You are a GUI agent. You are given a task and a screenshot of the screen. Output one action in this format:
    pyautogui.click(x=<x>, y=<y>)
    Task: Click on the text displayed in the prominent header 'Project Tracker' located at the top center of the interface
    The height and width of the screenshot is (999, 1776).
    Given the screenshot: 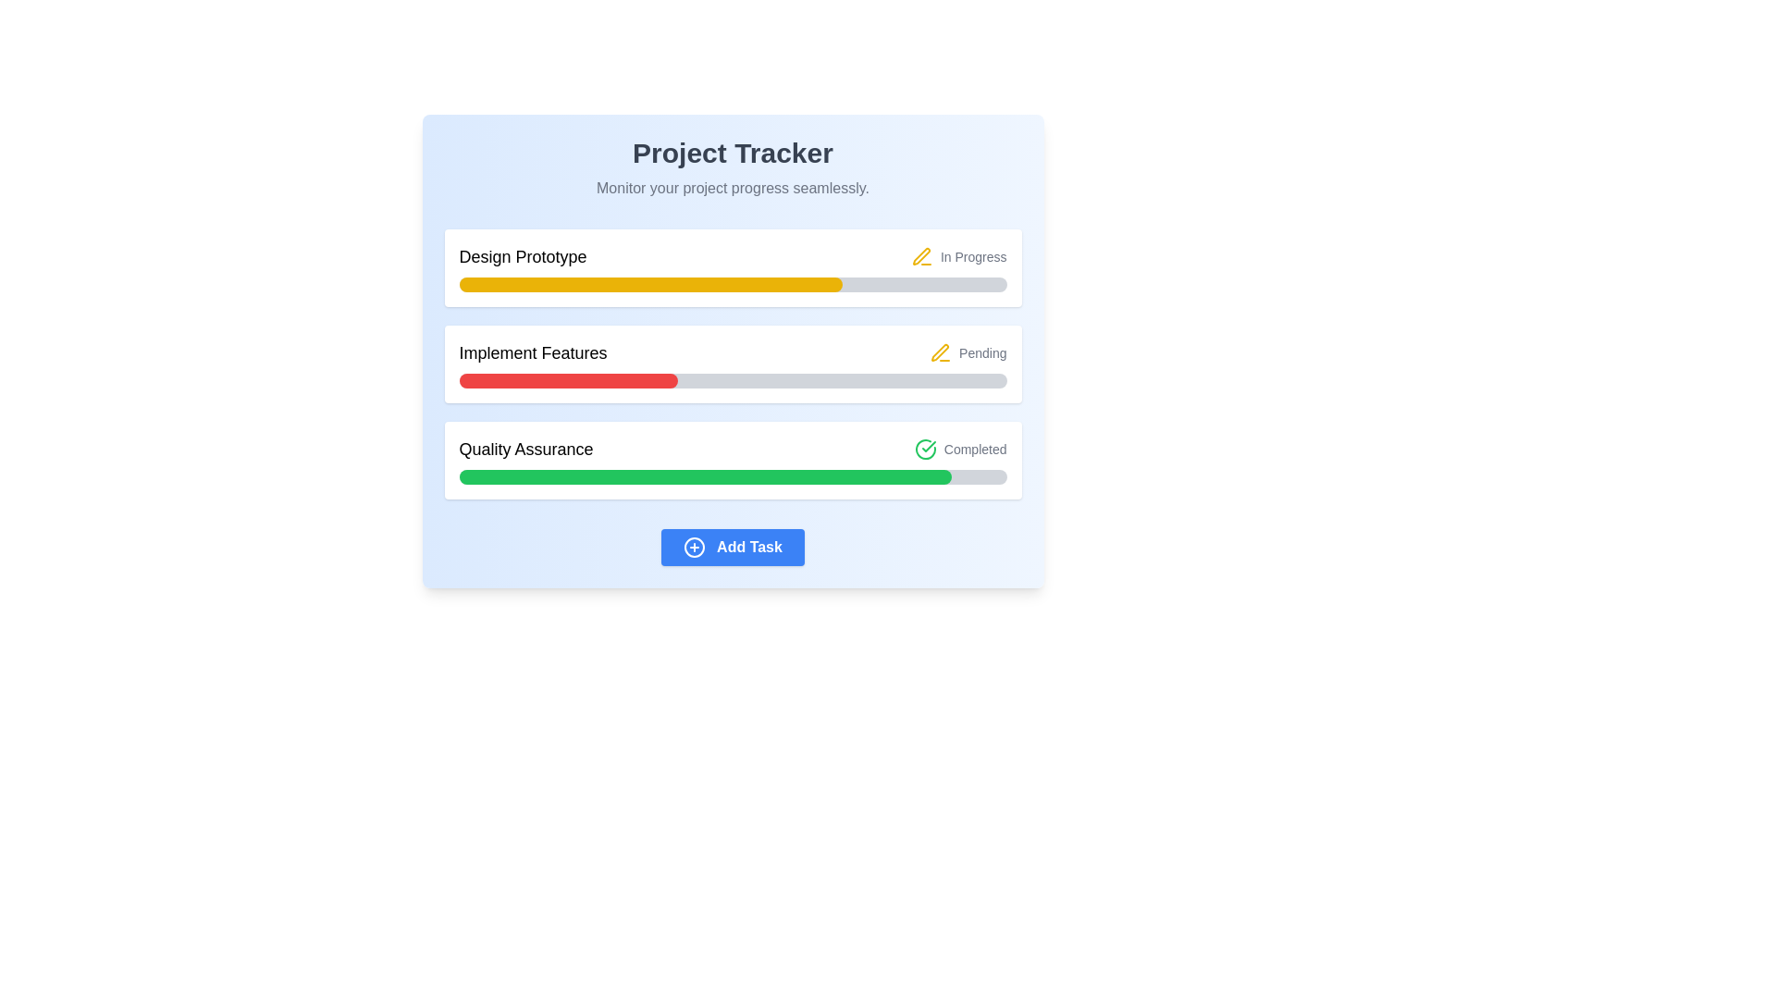 What is the action you would take?
    pyautogui.click(x=732, y=152)
    